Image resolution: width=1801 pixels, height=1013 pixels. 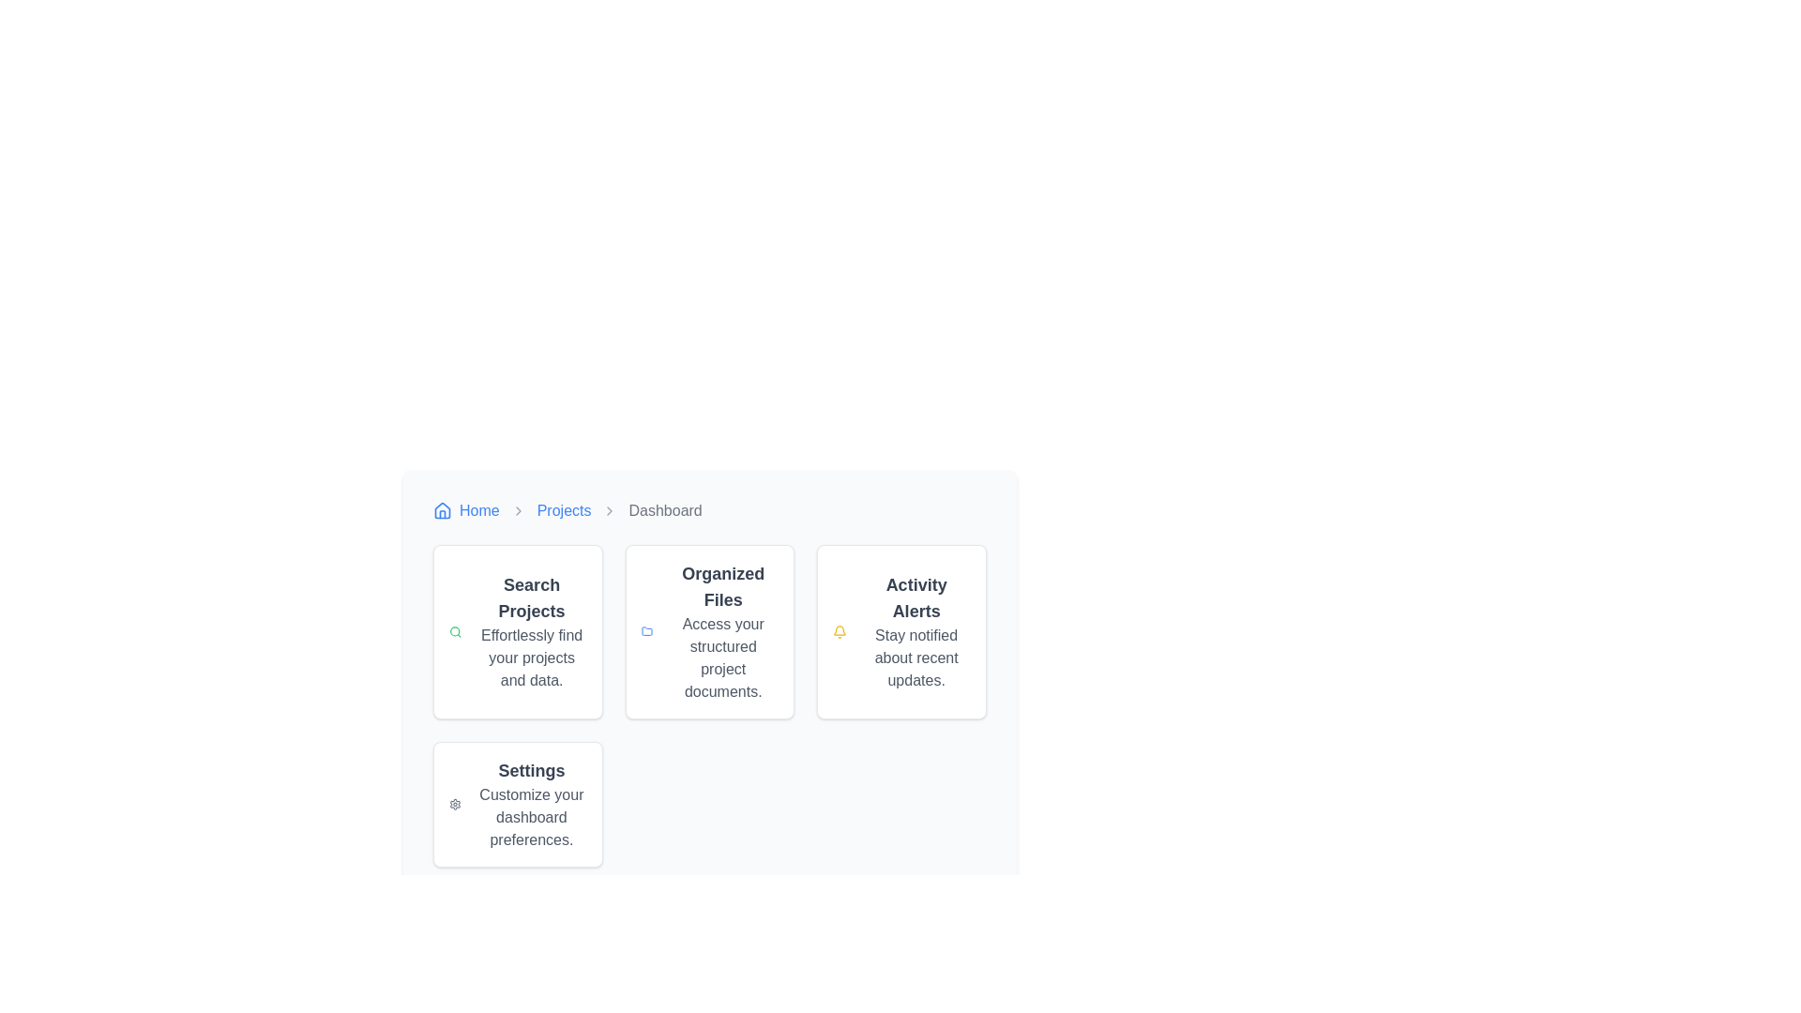 What do you see at coordinates (530, 770) in the screenshot?
I see `the Text label that serves as a heading for the section, located above the text 'Customize your dashboard preferences.'` at bounding box center [530, 770].